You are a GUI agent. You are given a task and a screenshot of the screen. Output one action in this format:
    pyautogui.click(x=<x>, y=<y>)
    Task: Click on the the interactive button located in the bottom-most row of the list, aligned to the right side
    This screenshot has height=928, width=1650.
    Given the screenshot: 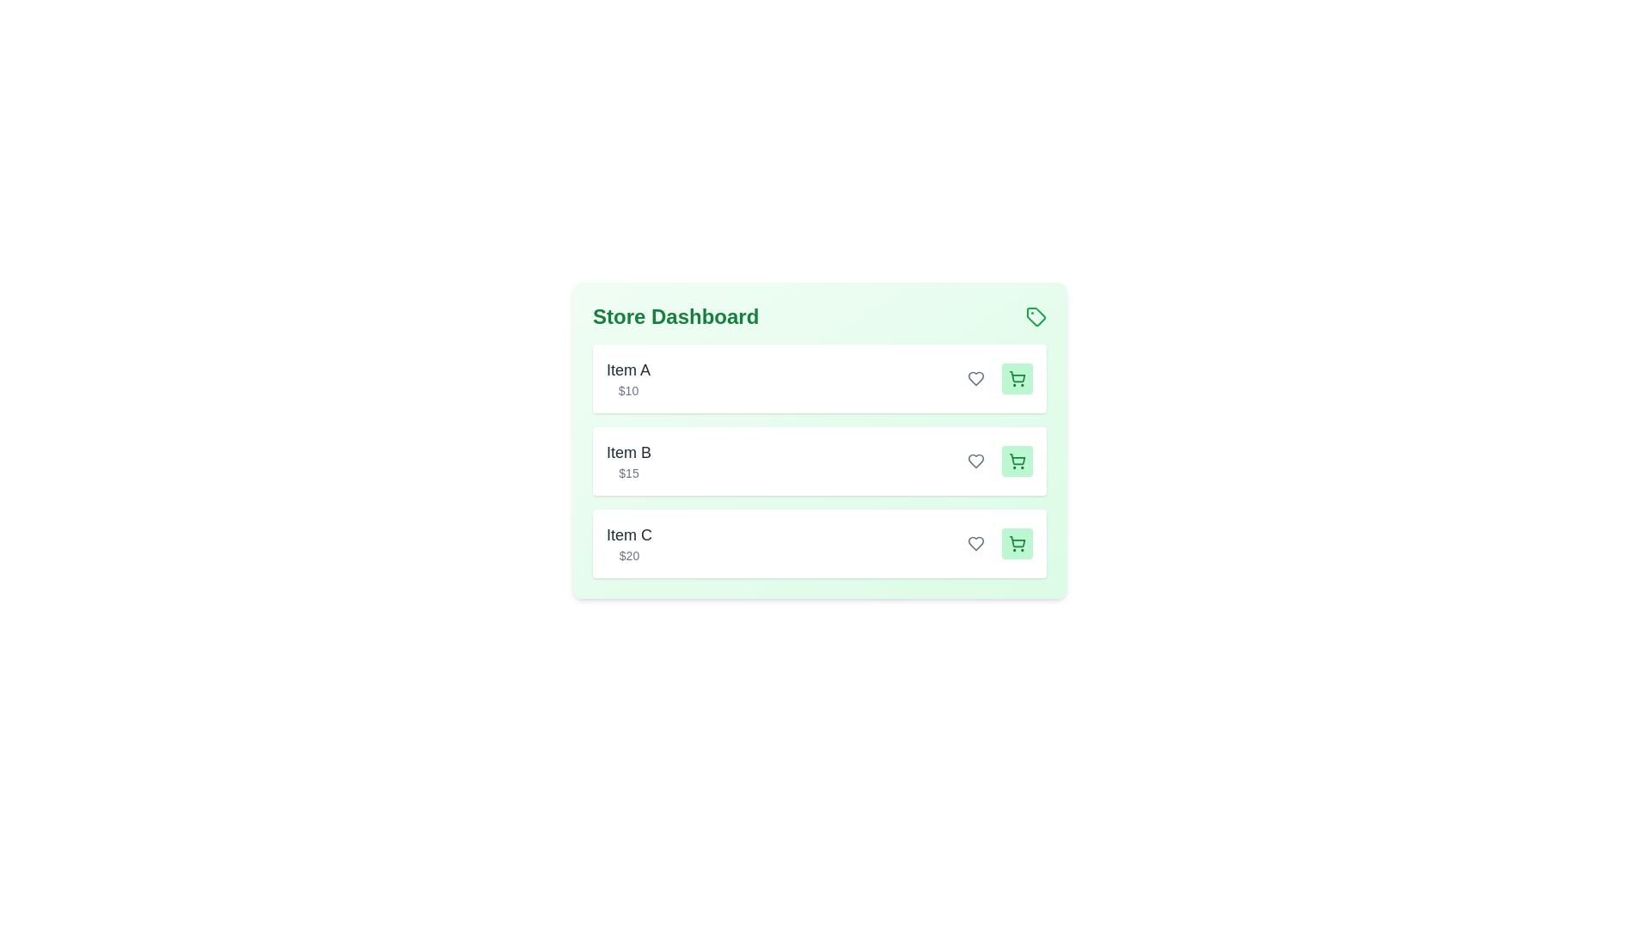 What is the action you would take?
    pyautogui.click(x=1017, y=543)
    